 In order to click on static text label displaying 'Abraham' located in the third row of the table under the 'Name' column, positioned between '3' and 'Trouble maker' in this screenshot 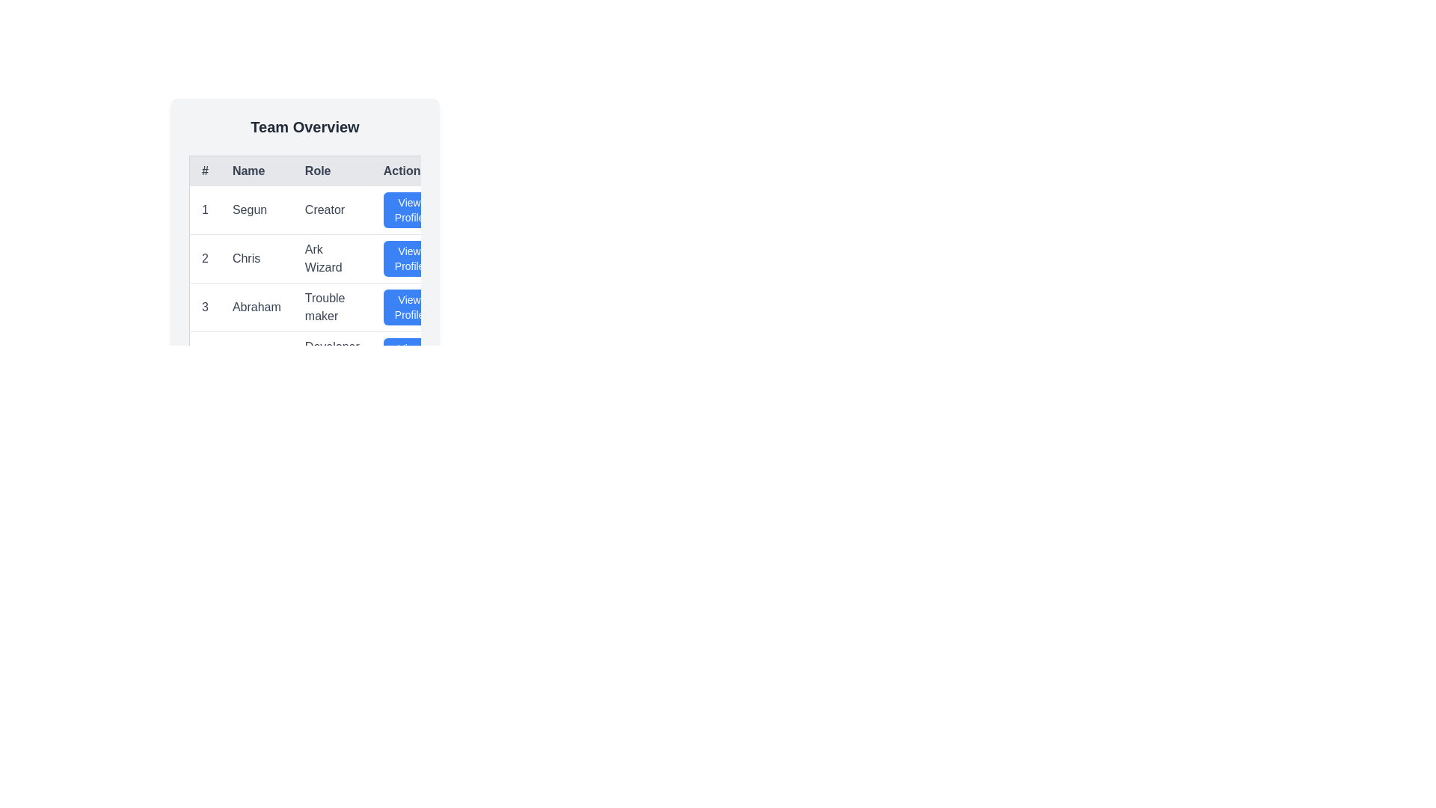, I will do `click(257, 307)`.